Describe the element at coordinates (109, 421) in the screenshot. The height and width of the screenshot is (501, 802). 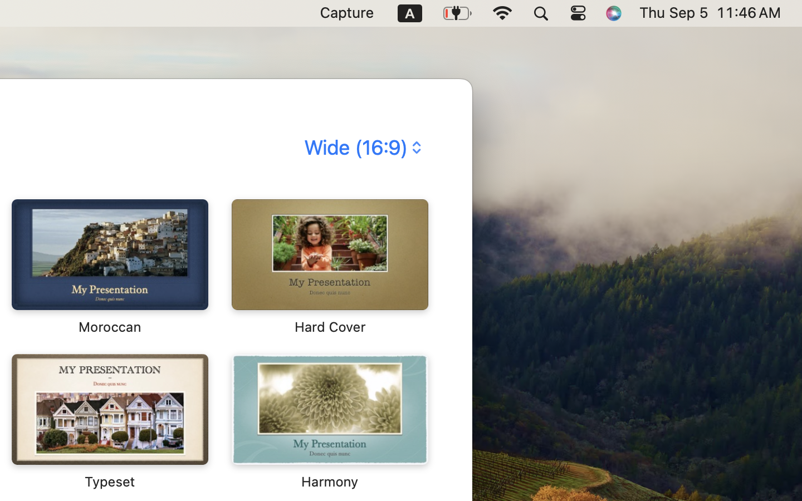
I see `'‎⁨Typeset⁩'` at that location.